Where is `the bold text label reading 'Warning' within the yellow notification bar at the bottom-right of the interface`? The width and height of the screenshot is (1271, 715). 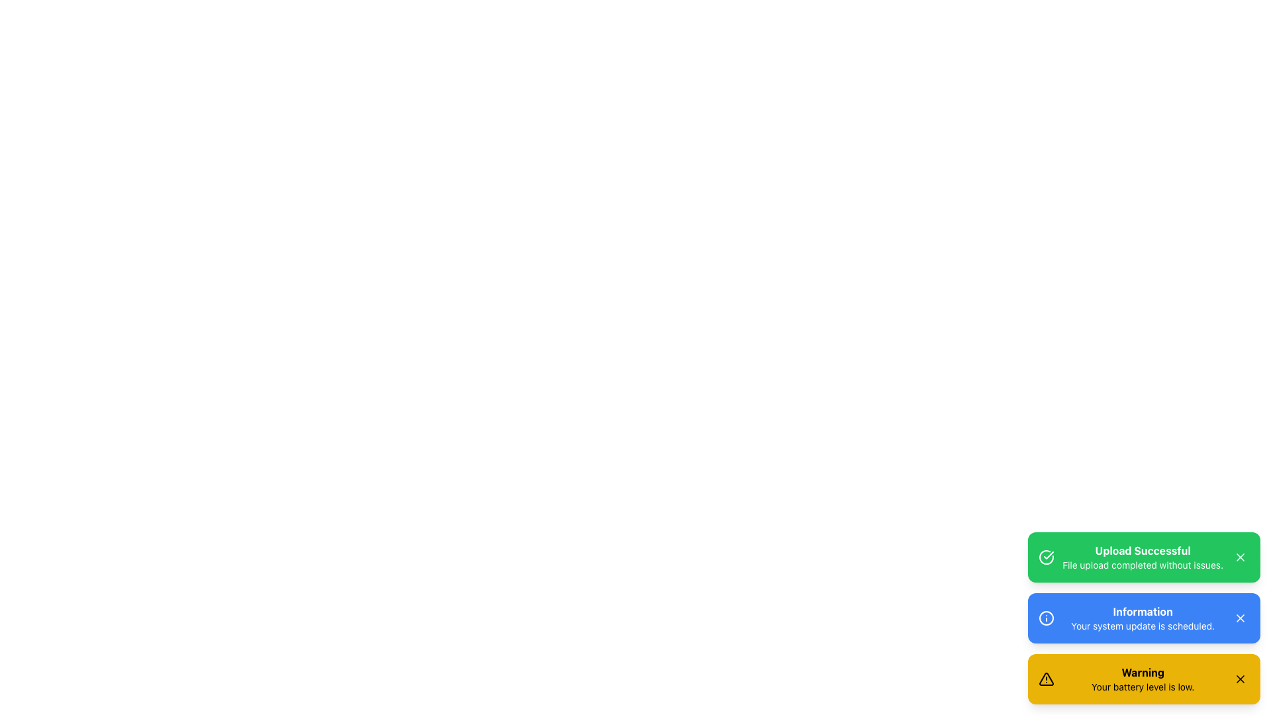 the bold text label reading 'Warning' within the yellow notification bar at the bottom-right of the interface is located at coordinates (1142, 672).